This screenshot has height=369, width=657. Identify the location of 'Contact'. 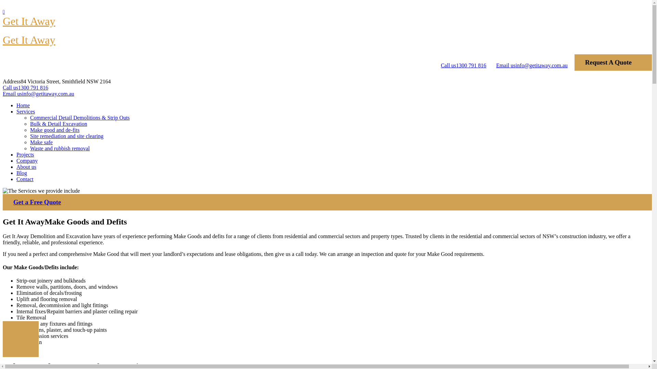
(25, 179).